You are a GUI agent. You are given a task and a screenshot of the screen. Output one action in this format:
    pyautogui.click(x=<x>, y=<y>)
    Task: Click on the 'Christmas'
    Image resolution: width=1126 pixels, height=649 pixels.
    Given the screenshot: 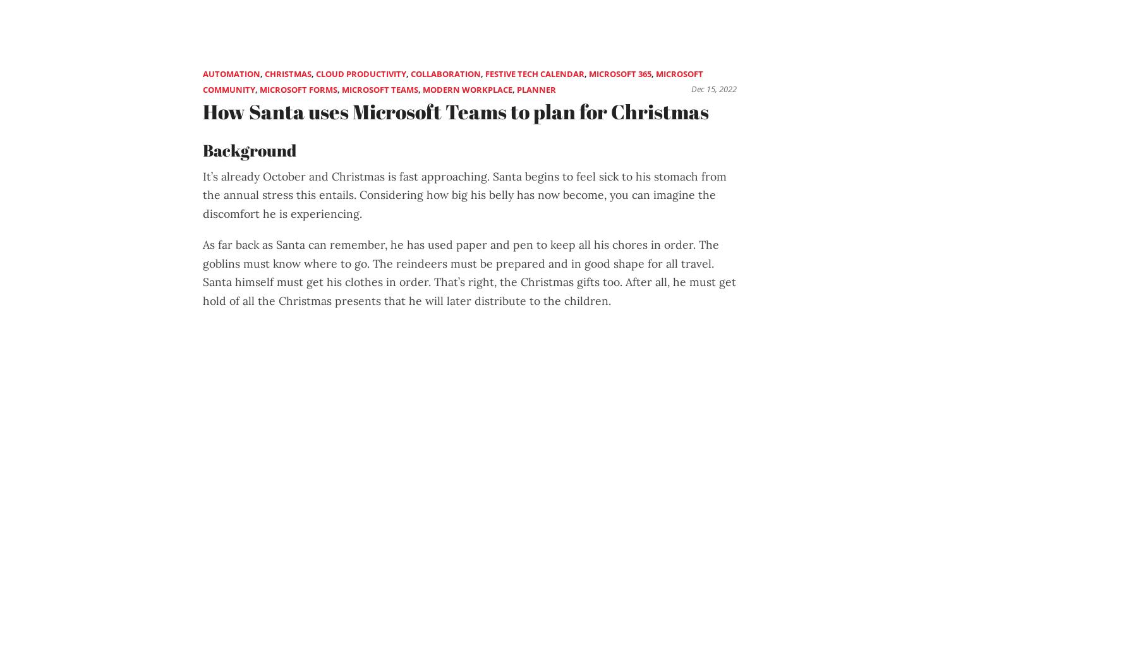 What is the action you would take?
    pyautogui.click(x=288, y=73)
    